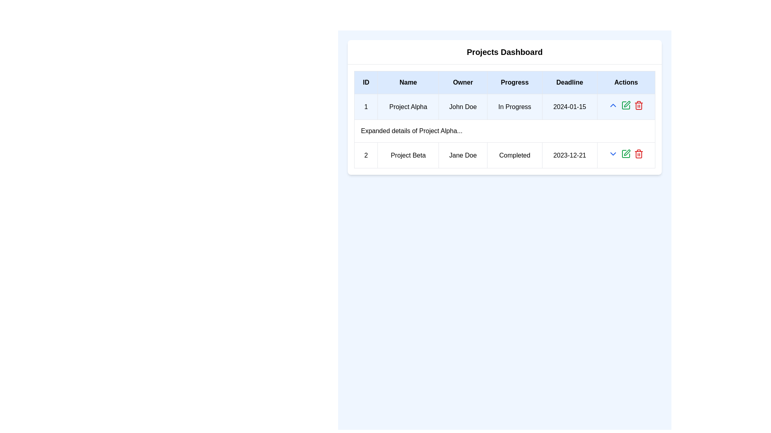 The width and height of the screenshot is (771, 433). What do you see at coordinates (504, 52) in the screenshot?
I see `the heading element located at the top of the project dashboard card, which contextualizes the content below` at bounding box center [504, 52].